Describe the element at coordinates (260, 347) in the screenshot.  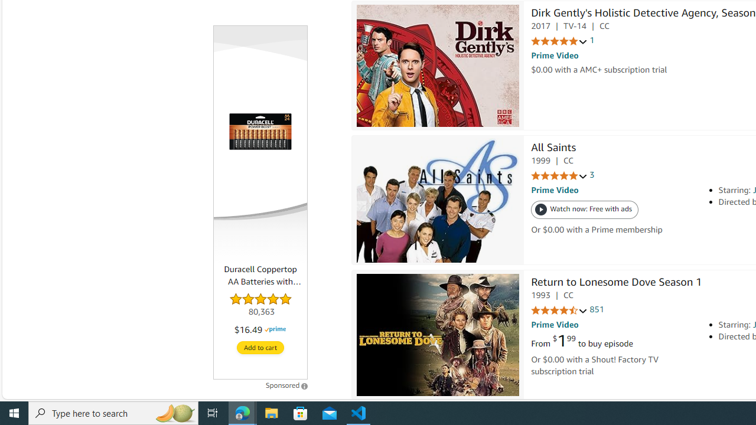
I see `'Add to cart'` at that location.